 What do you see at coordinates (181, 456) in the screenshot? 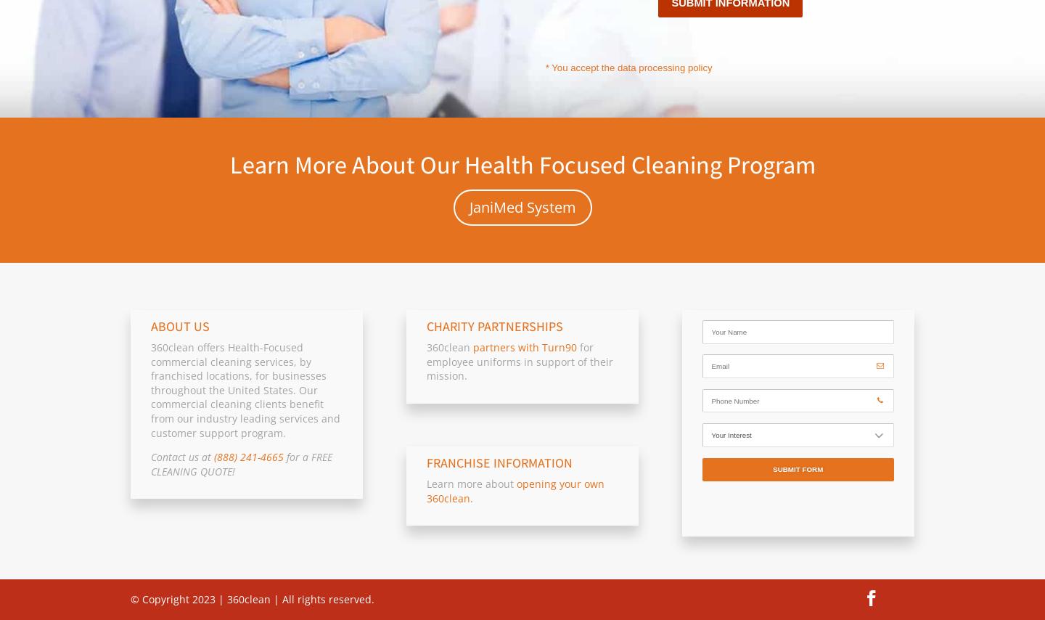
I see `'Contact us at'` at bounding box center [181, 456].